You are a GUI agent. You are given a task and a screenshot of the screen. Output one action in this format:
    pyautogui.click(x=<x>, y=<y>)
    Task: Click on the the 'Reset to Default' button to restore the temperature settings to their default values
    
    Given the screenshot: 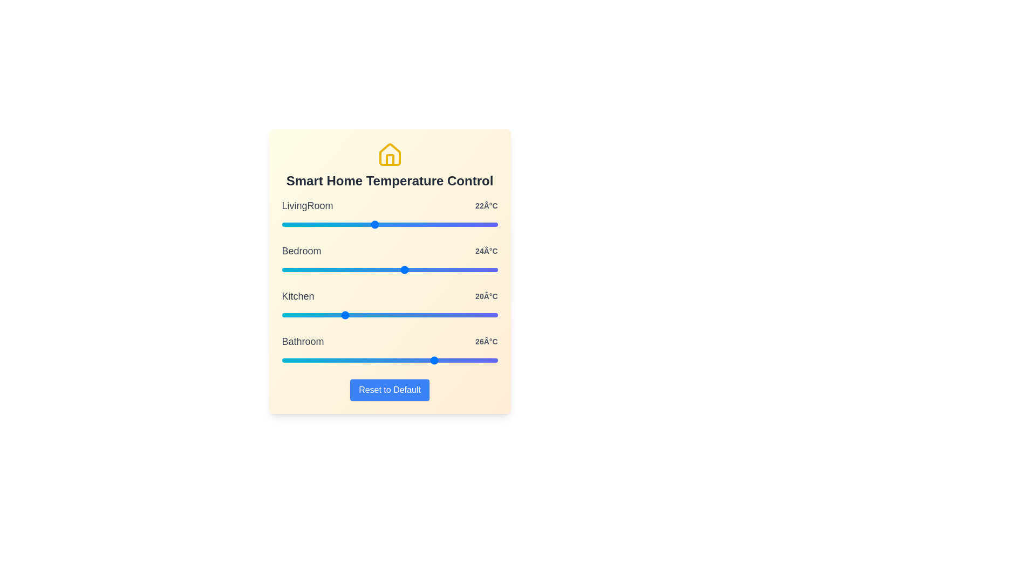 What is the action you would take?
    pyautogui.click(x=389, y=390)
    